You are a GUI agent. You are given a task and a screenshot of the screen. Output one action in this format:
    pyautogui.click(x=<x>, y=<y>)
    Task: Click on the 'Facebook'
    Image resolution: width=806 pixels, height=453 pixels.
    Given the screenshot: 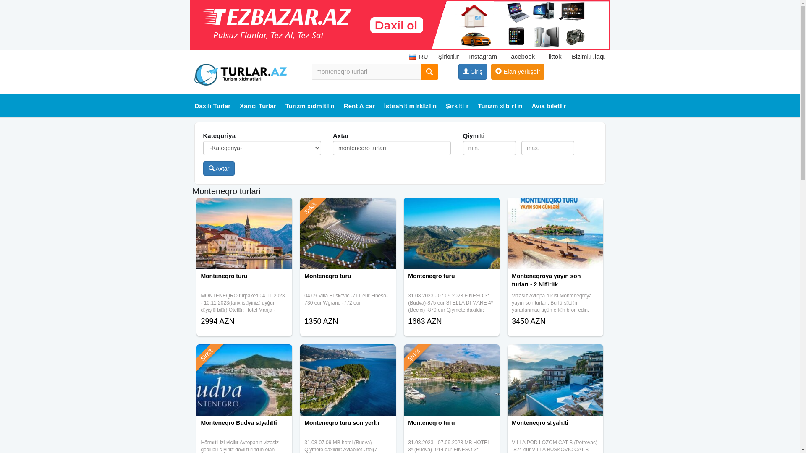 What is the action you would take?
    pyautogui.click(x=521, y=56)
    